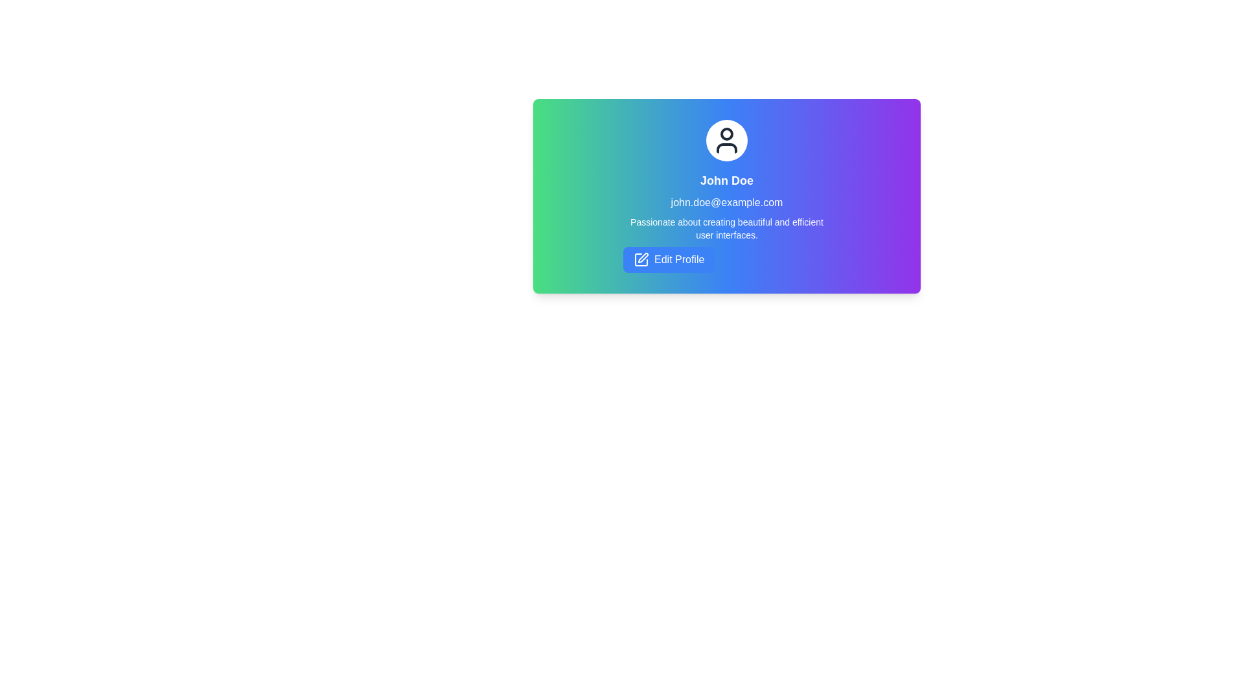  What do you see at coordinates (641, 260) in the screenshot?
I see `the white pen icon situated within the blue circular button, located adjacent to the 'Edit Profile' text below the user information section` at bounding box center [641, 260].